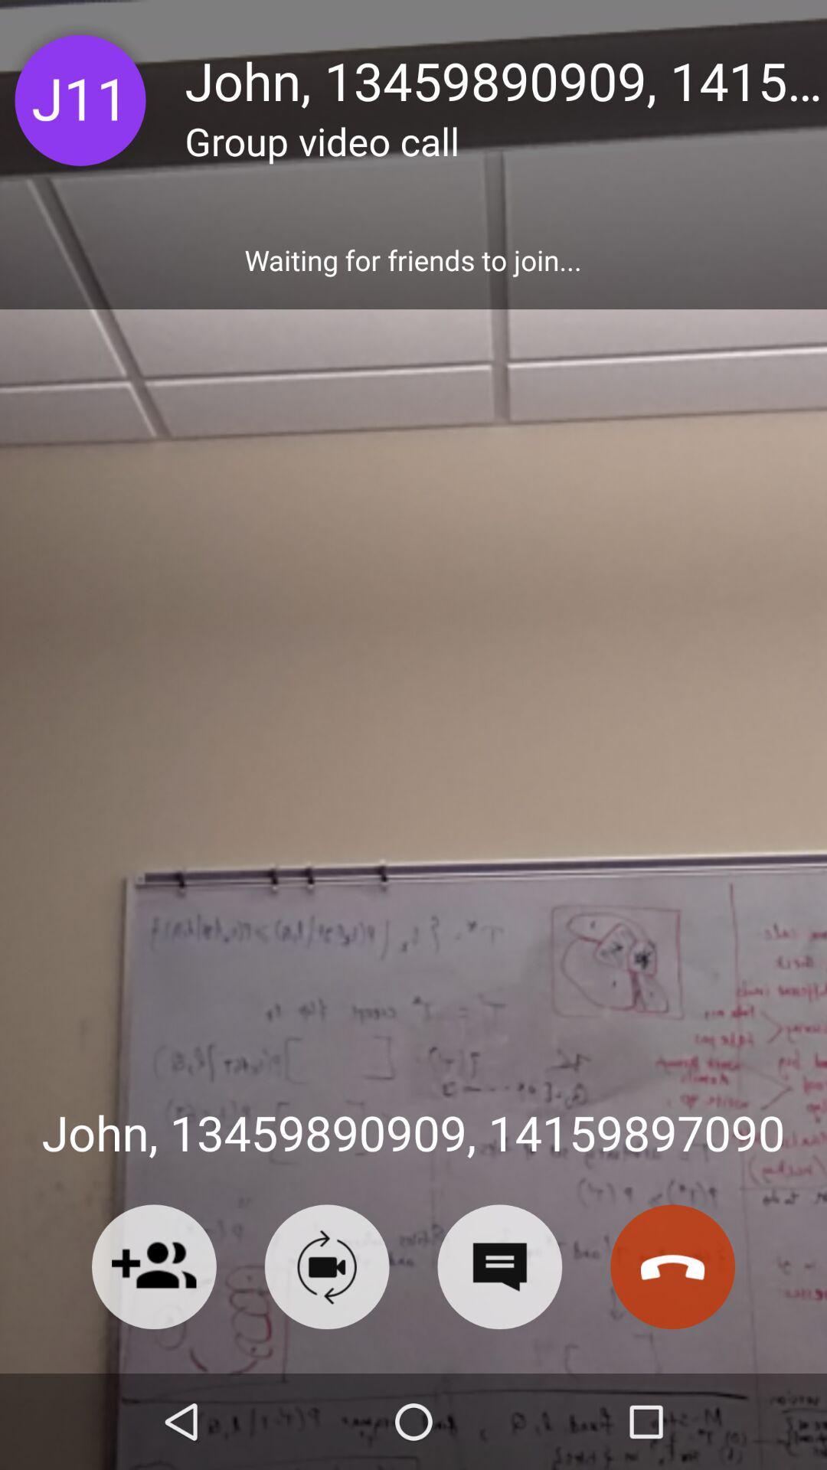  What do you see at coordinates (154, 1266) in the screenshot?
I see `friend` at bounding box center [154, 1266].